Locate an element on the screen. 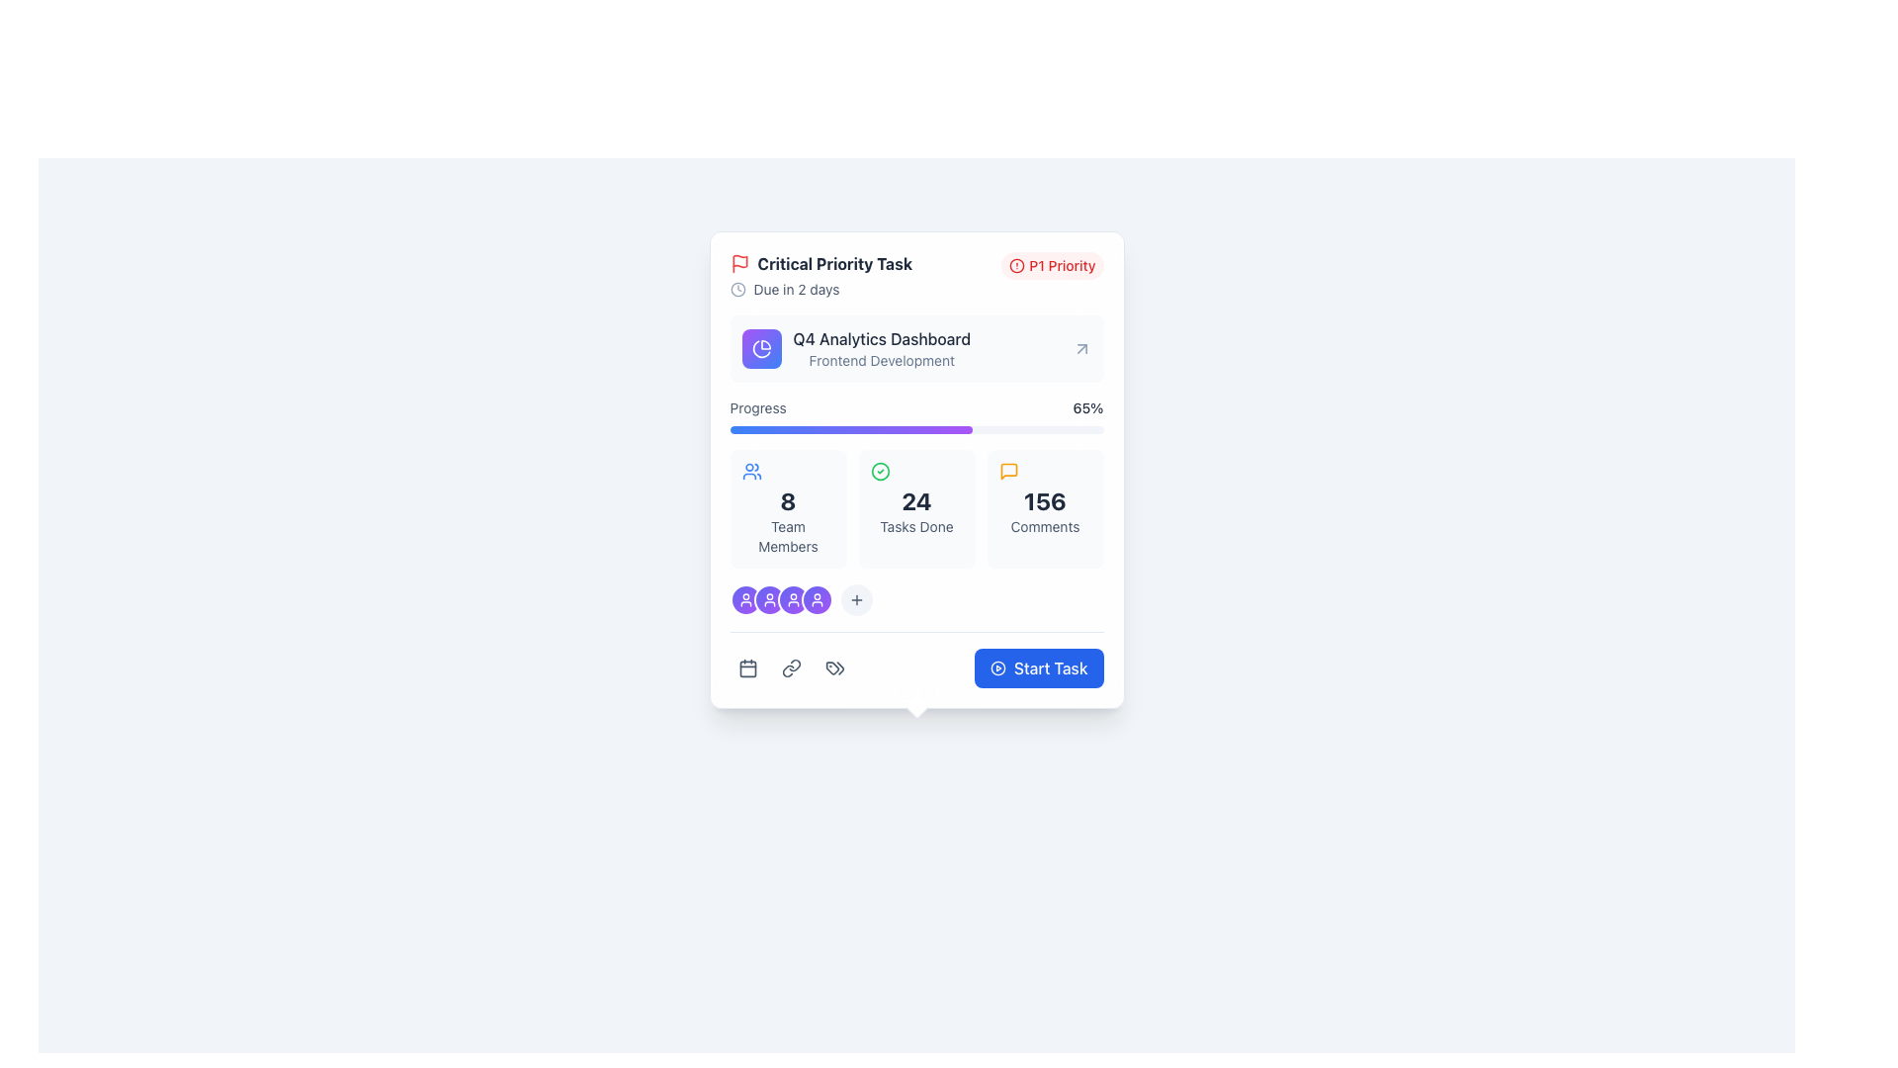 This screenshot has height=1068, width=1898. the critical priority task indicator icon located to the left of the text 'Critical Priority Task' in the header section is located at coordinates (738, 262).